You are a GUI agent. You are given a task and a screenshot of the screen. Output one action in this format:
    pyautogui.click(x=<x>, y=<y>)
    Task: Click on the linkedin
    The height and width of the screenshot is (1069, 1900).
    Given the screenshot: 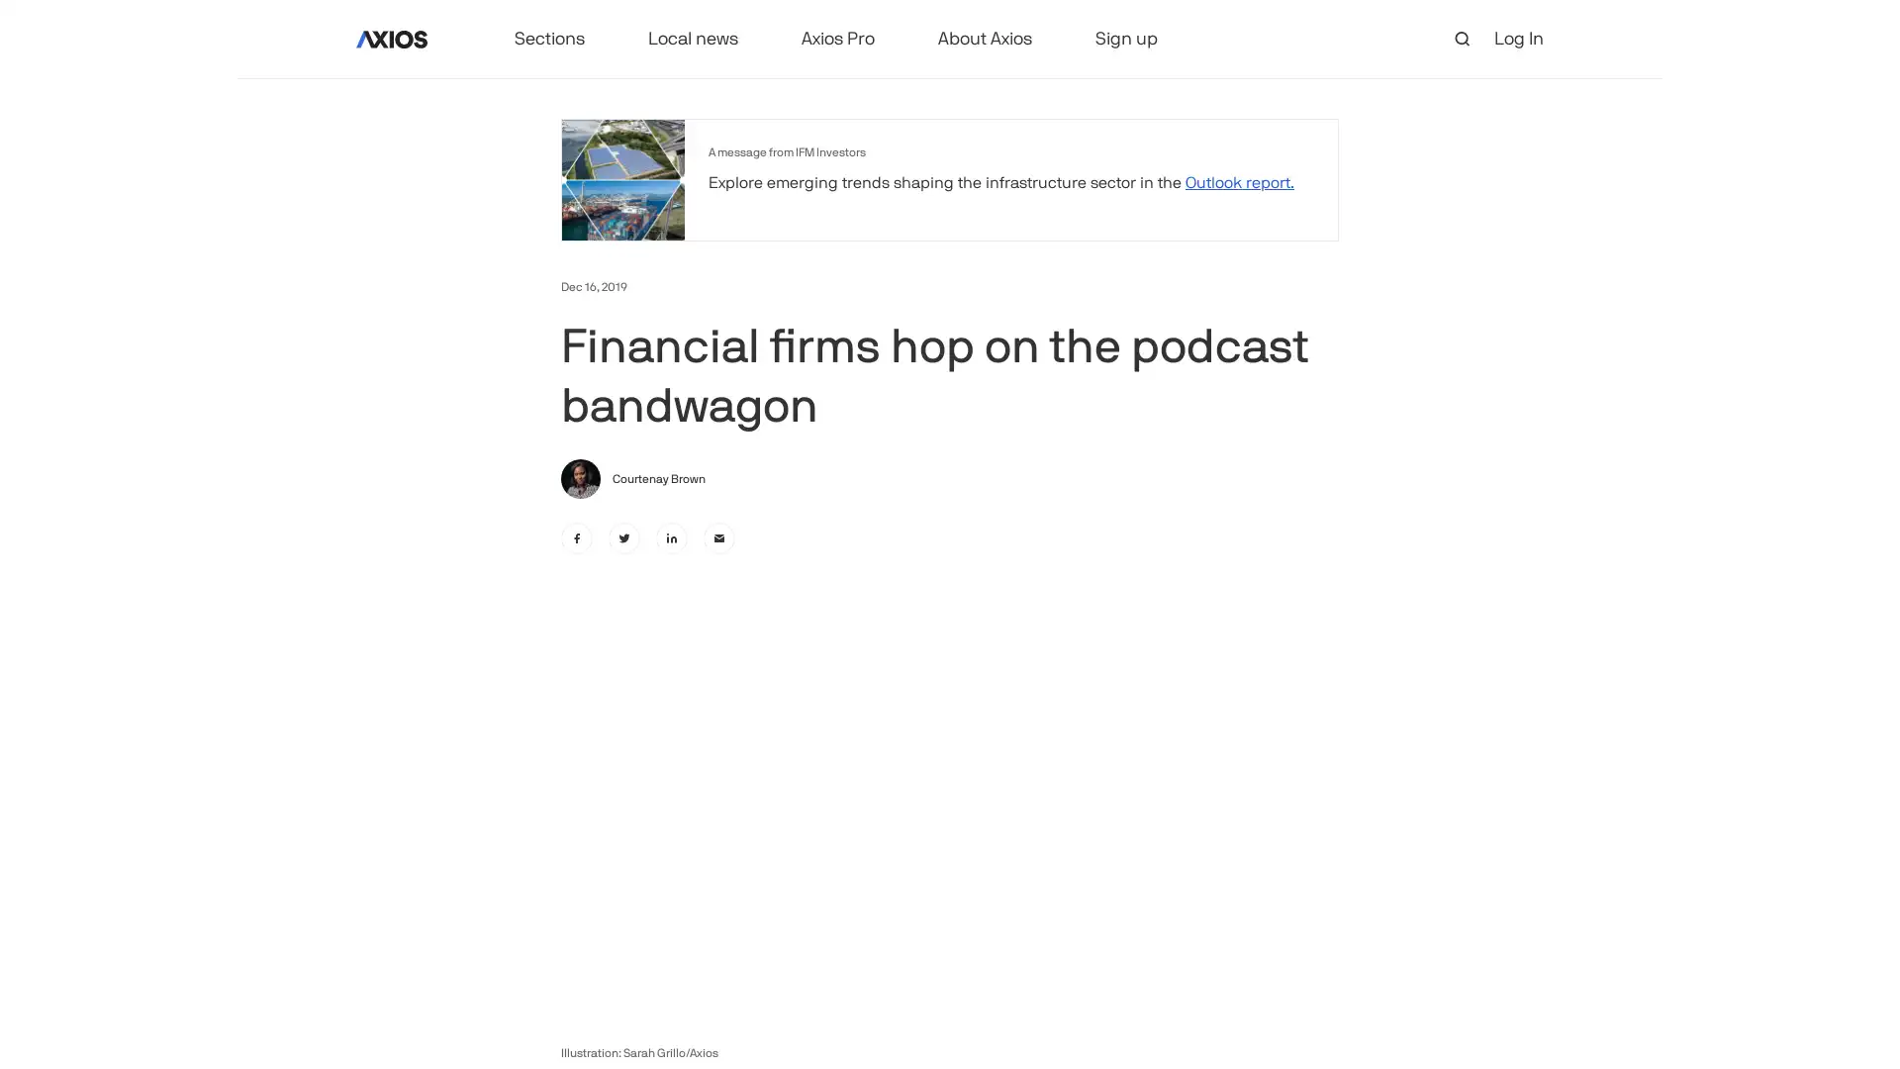 What is the action you would take?
    pyautogui.click(x=670, y=537)
    